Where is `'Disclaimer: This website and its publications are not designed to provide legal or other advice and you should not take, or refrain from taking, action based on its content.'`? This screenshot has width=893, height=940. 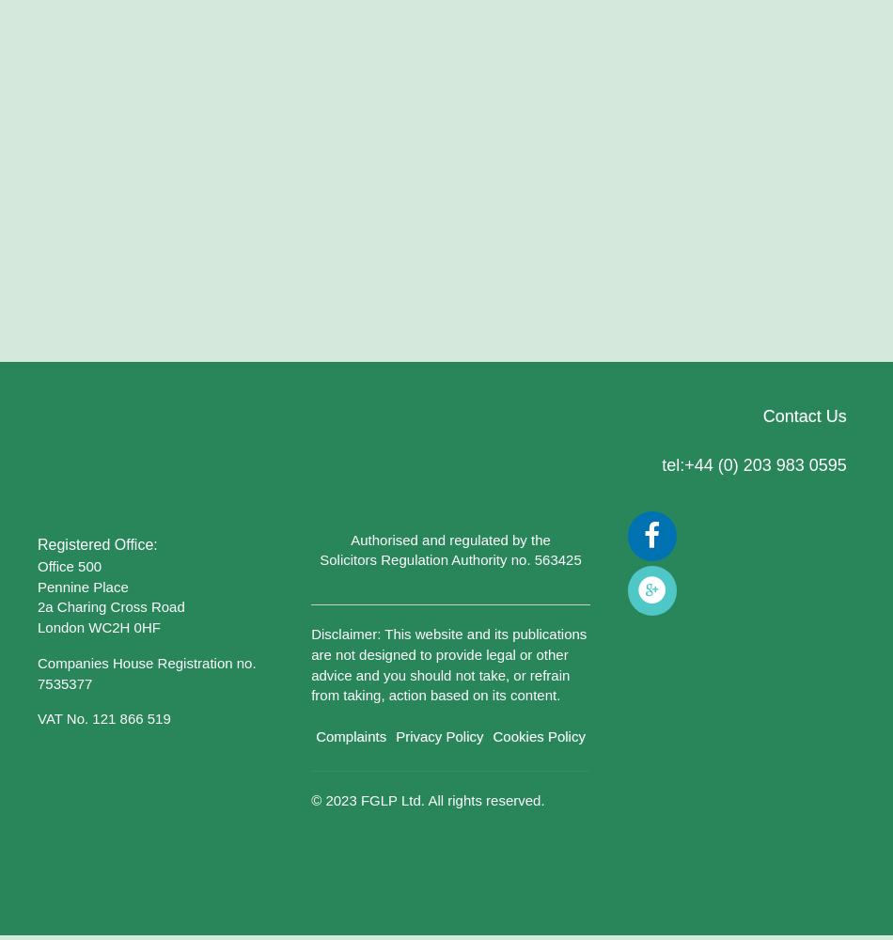 'Disclaimer: This website and its publications are not designed to provide legal or other advice and you should not take, or refrain from taking, action based on its content.' is located at coordinates (309, 664).